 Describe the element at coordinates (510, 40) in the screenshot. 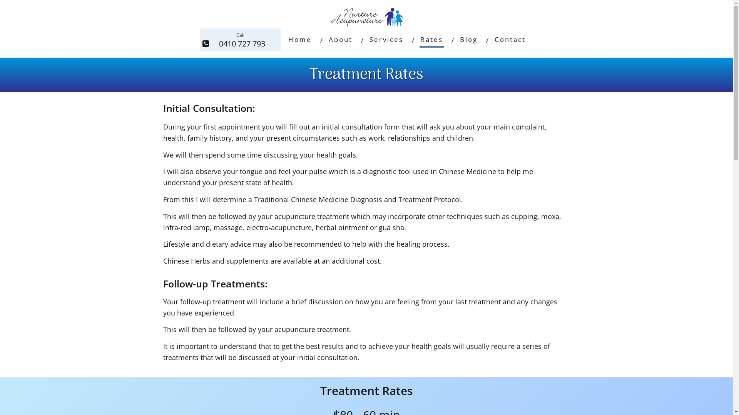

I see `'Contact'` at that location.